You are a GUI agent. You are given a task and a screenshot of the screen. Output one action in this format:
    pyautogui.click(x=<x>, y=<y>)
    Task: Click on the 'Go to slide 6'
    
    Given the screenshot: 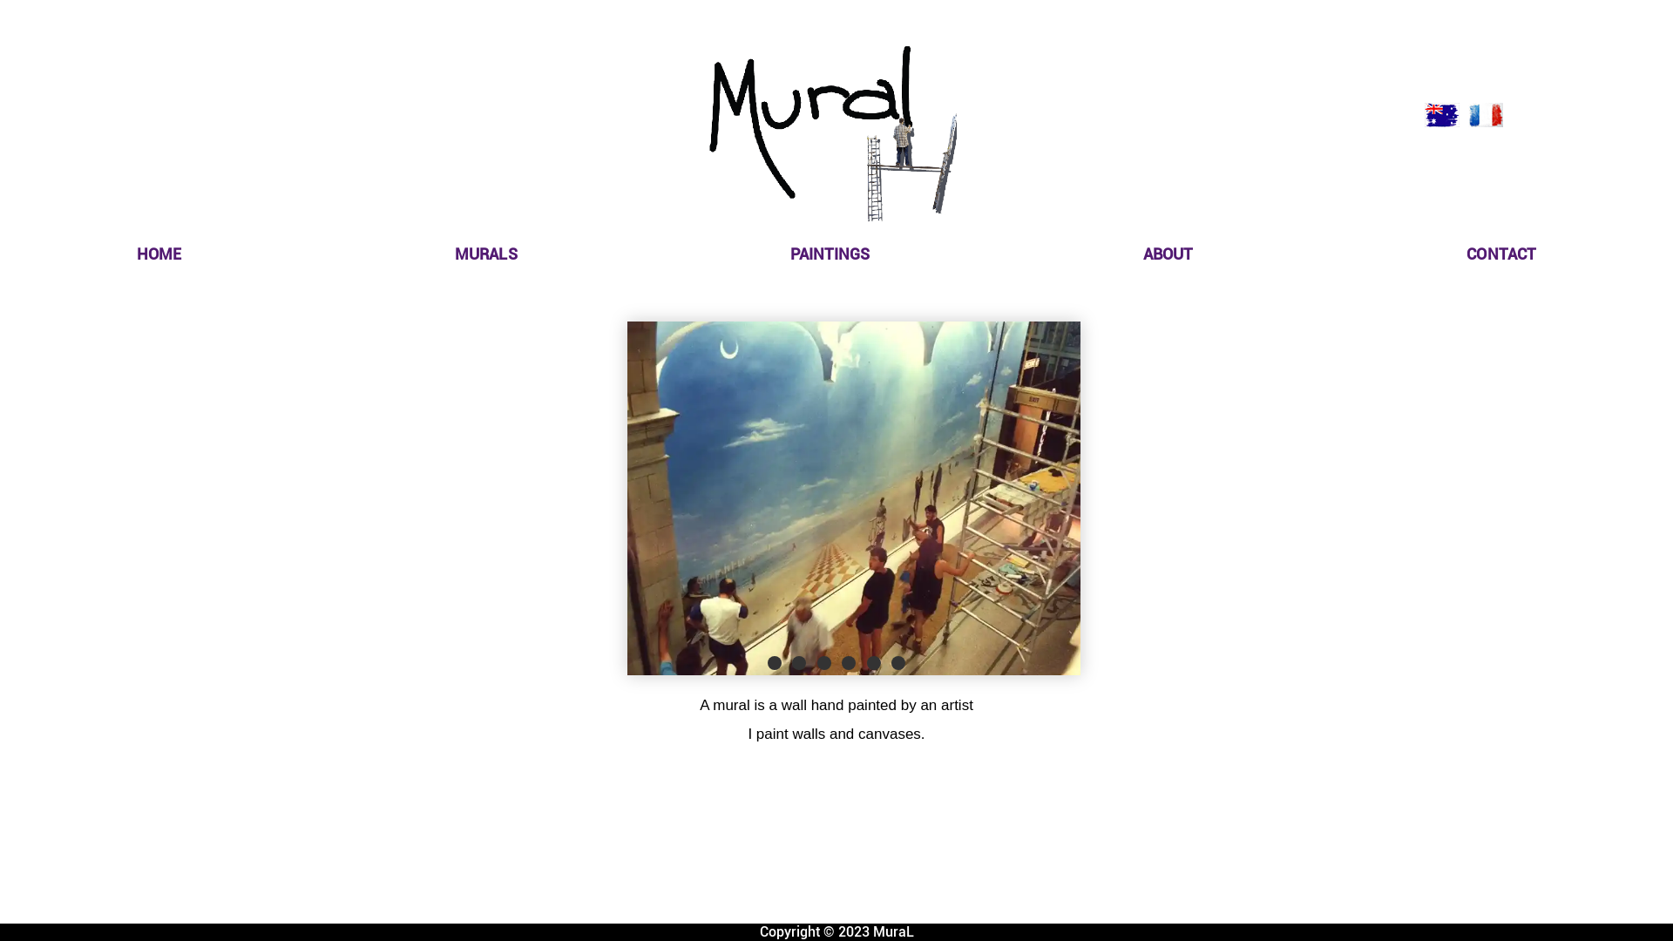 What is the action you would take?
    pyautogui.click(x=898, y=662)
    